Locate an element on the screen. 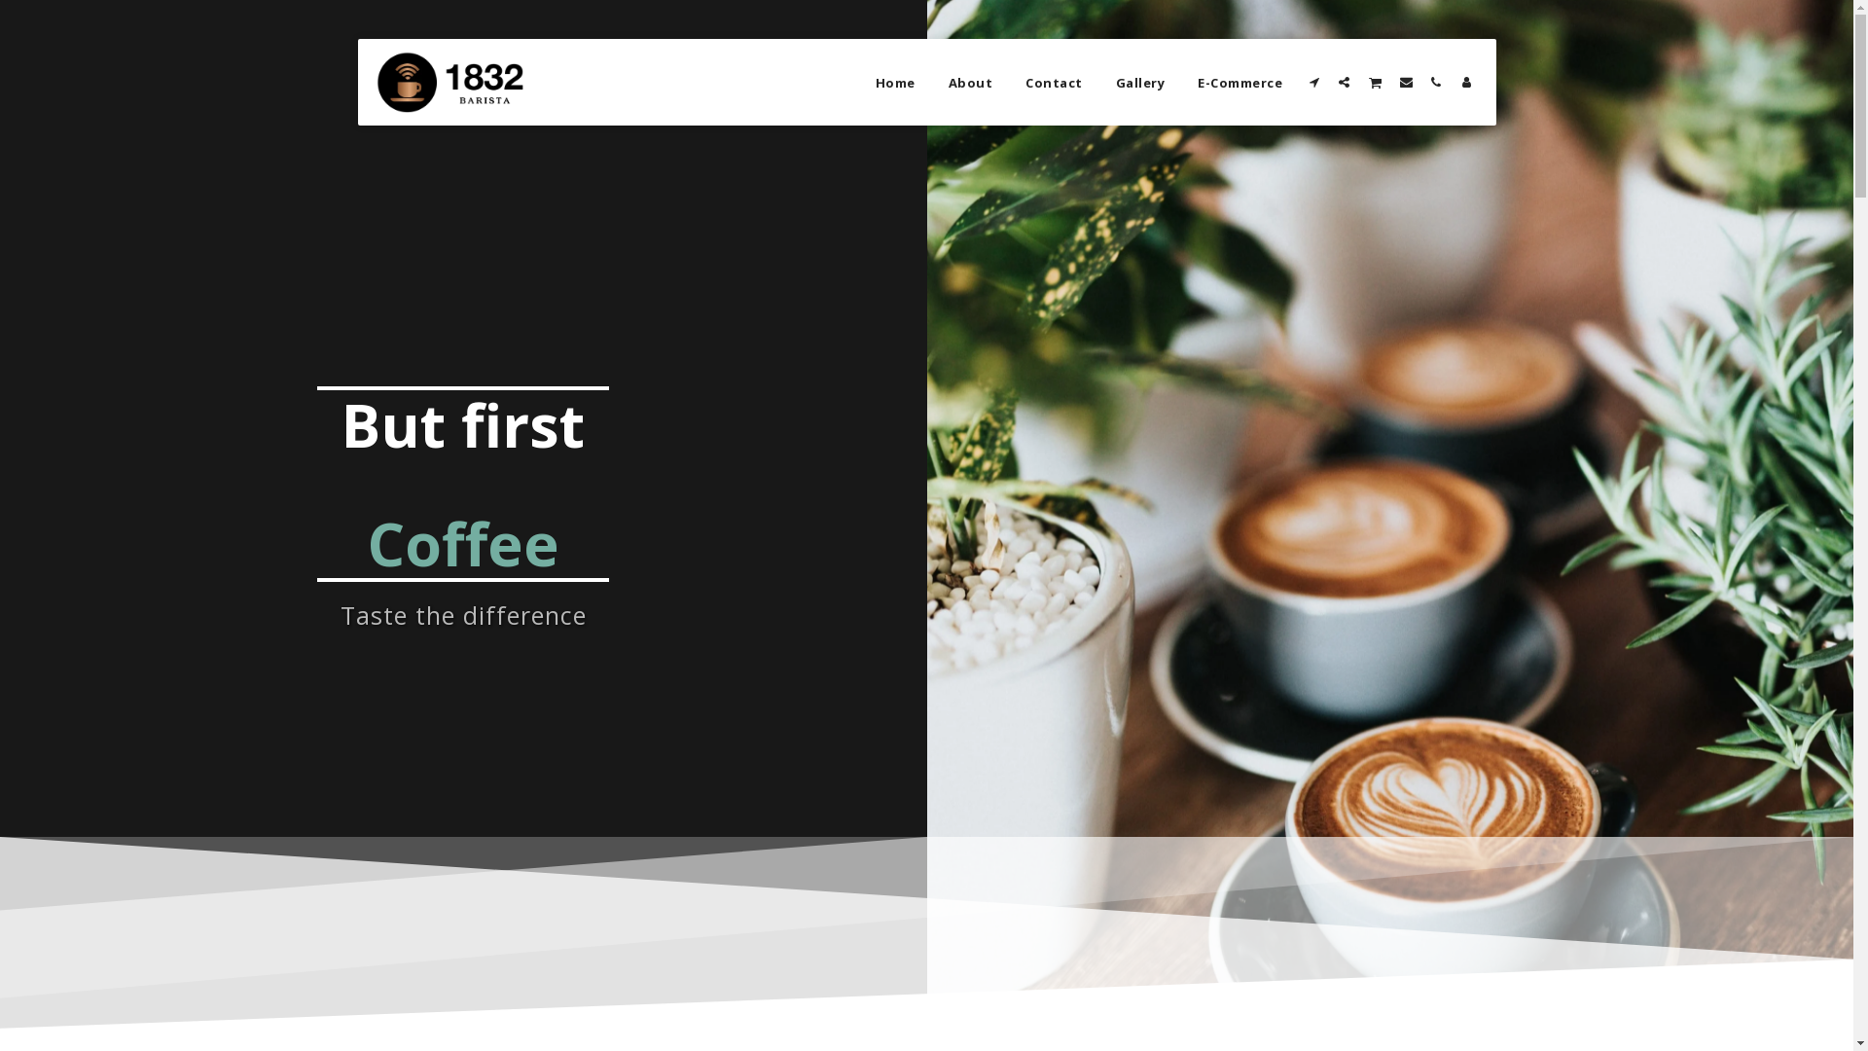  'E-Commerce' is located at coordinates (1239, 81).